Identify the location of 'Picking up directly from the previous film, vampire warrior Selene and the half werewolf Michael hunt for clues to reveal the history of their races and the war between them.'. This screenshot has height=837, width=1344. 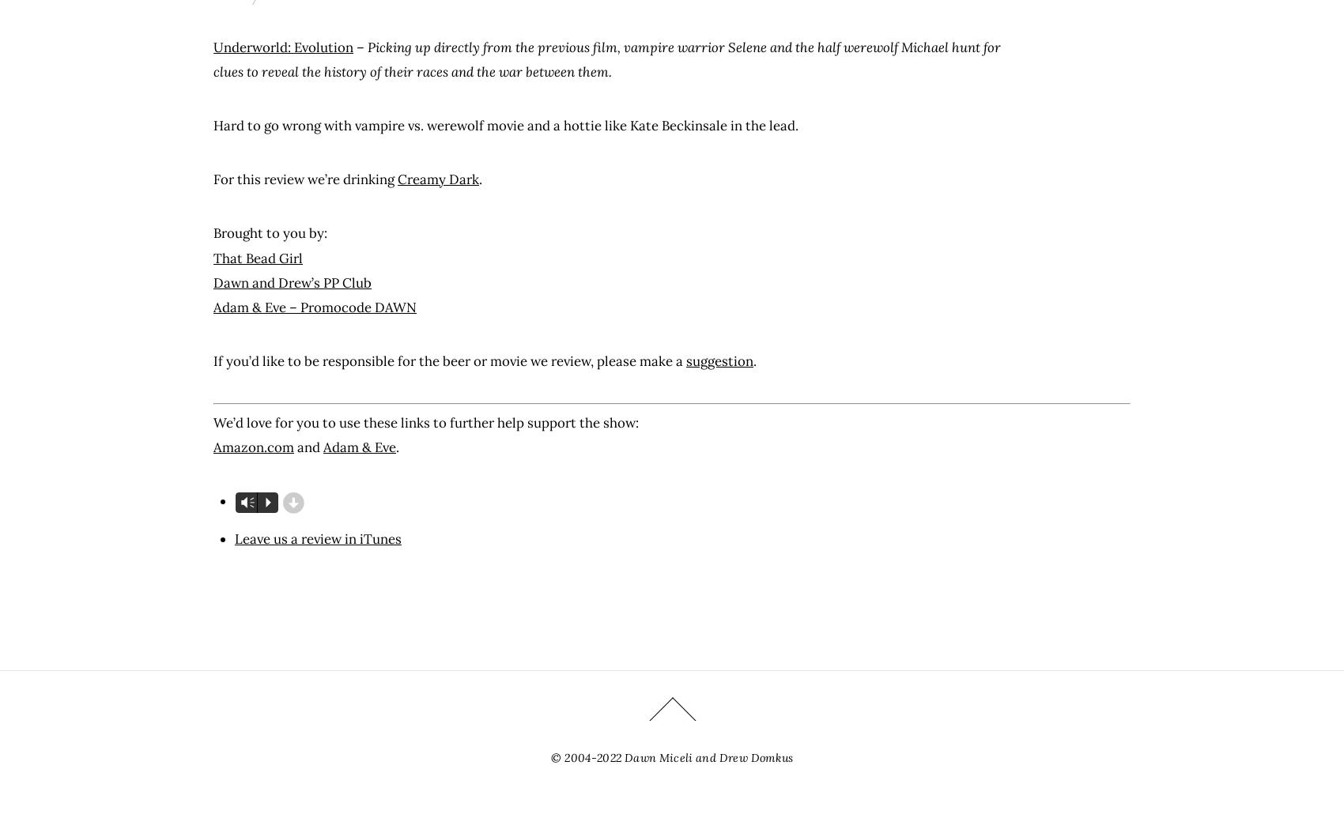
(606, 59).